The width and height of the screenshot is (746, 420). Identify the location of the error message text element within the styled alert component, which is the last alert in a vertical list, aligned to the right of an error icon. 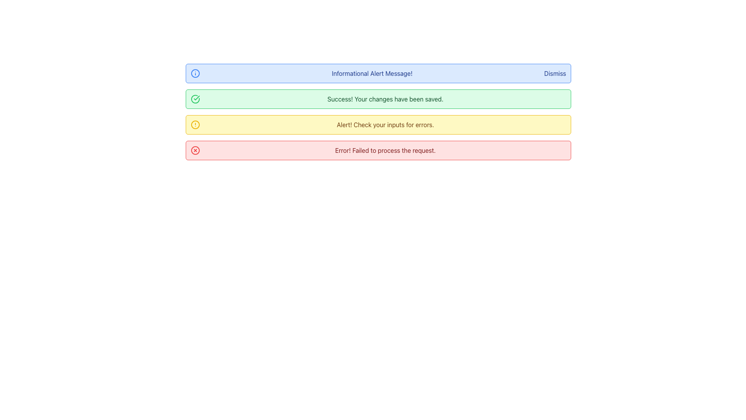
(385, 150).